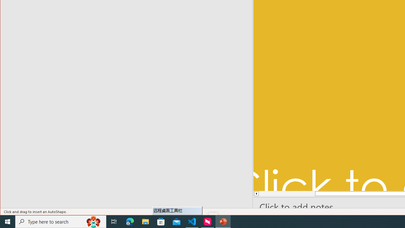 The image size is (405, 228). Describe the element at coordinates (161, 221) in the screenshot. I see `'Microsoft Store'` at that location.